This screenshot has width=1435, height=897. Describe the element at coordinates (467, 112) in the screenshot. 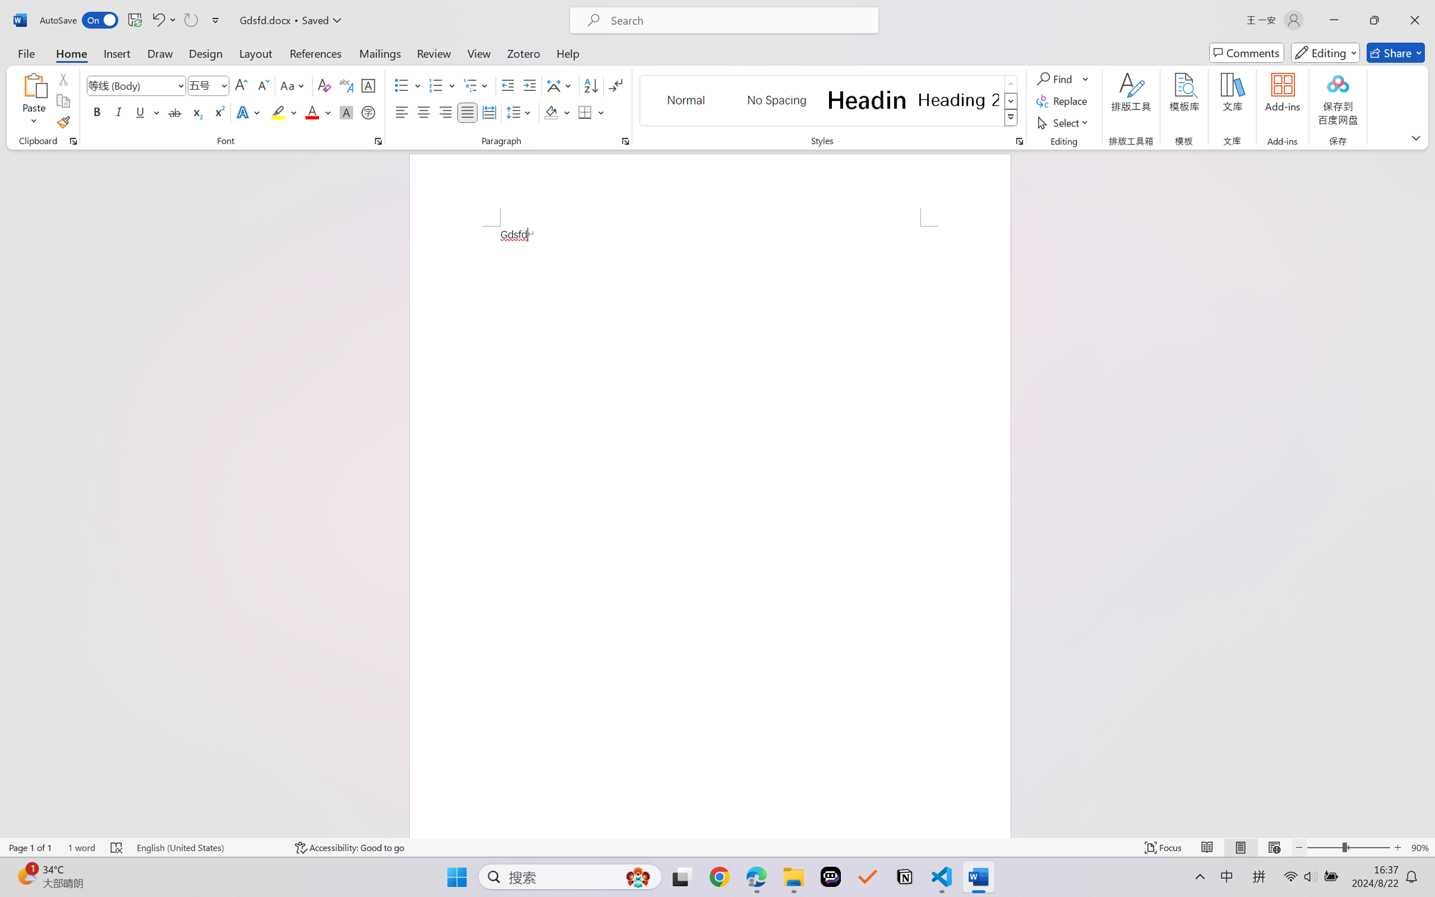

I see `'Justify'` at that location.